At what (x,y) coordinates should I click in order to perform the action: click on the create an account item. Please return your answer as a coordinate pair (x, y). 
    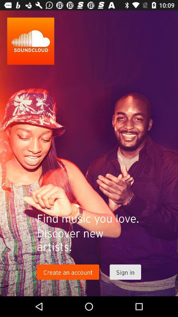
    Looking at the image, I should click on (68, 272).